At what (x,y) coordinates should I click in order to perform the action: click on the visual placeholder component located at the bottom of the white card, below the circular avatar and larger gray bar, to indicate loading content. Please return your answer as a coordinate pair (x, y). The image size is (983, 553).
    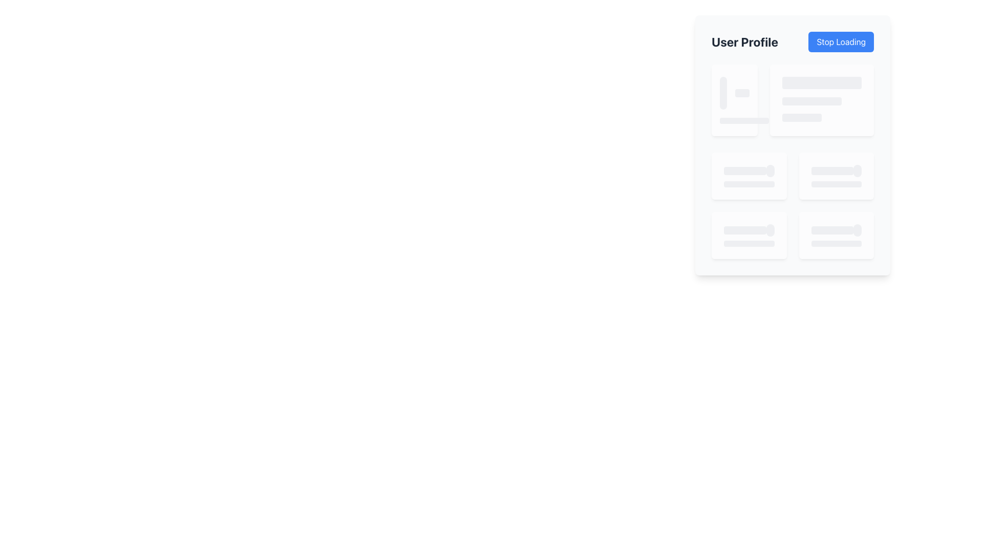
    Looking at the image, I should click on (744, 120).